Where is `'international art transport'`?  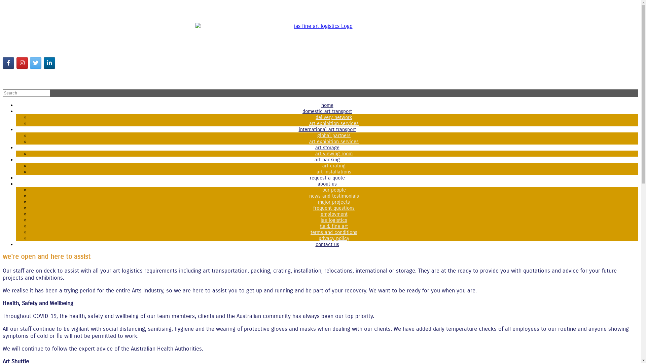
'international art transport' is located at coordinates (327, 129).